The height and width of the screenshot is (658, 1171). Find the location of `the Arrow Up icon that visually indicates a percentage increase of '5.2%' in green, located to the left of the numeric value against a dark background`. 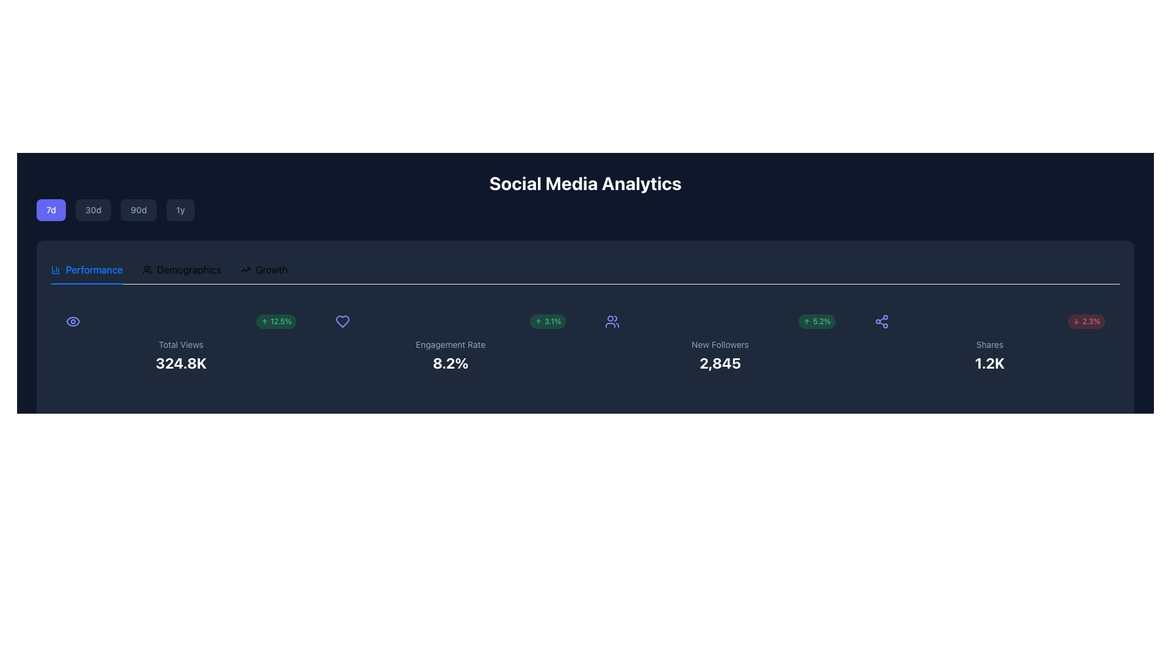

the Arrow Up icon that visually indicates a percentage increase of '5.2%' in green, located to the left of the numeric value against a dark background is located at coordinates (807, 321).